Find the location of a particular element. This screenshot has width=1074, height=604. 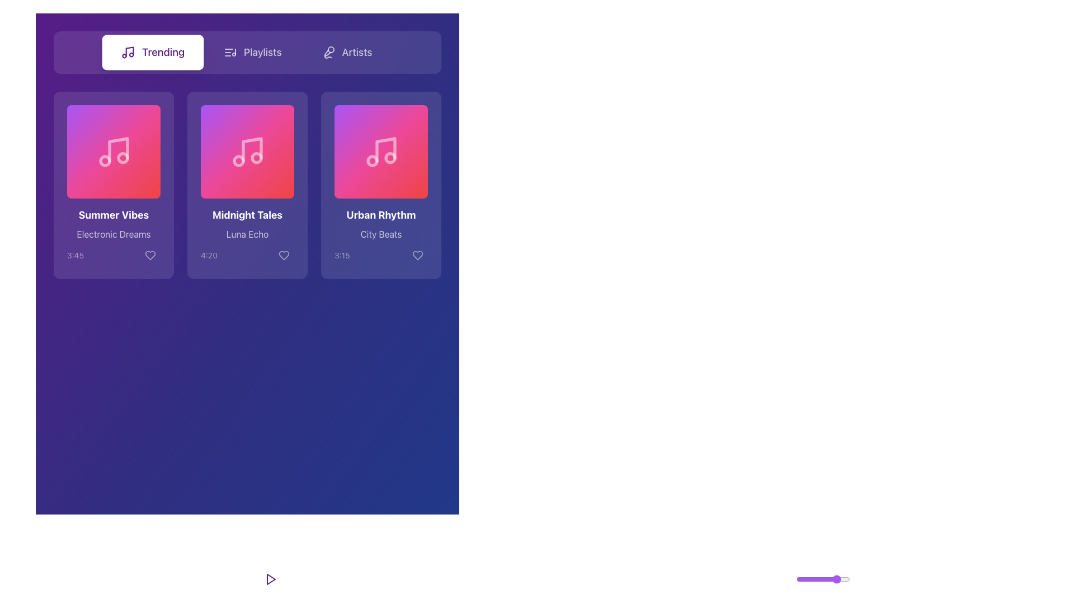

the music decorative icon located in the 'Summer Vibes' card within the 'Trending' section of the music application is located at coordinates (118, 149).